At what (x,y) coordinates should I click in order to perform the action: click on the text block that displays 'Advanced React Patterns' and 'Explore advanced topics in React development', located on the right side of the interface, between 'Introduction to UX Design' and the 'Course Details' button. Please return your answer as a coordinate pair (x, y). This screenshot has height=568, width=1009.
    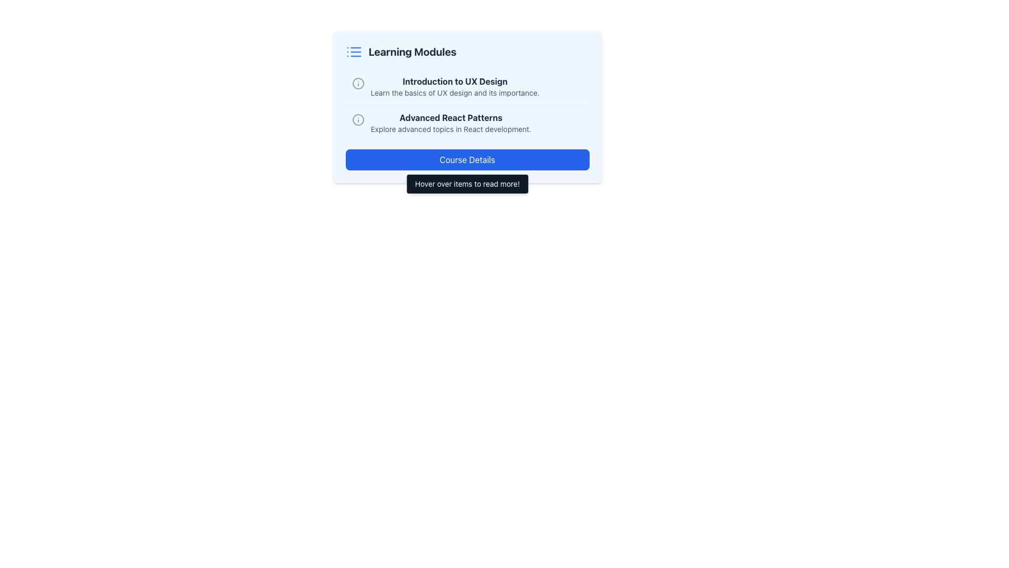
    Looking at the image, I should click on (451, 123).